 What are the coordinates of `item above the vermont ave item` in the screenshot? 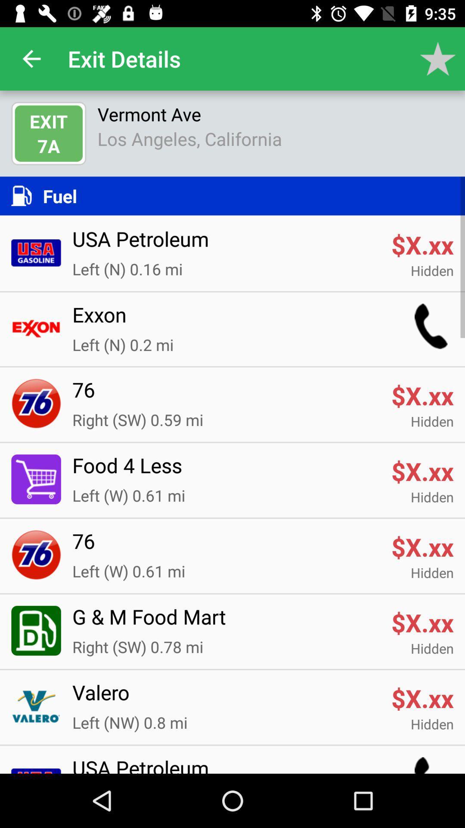 It's located at (438, 58).